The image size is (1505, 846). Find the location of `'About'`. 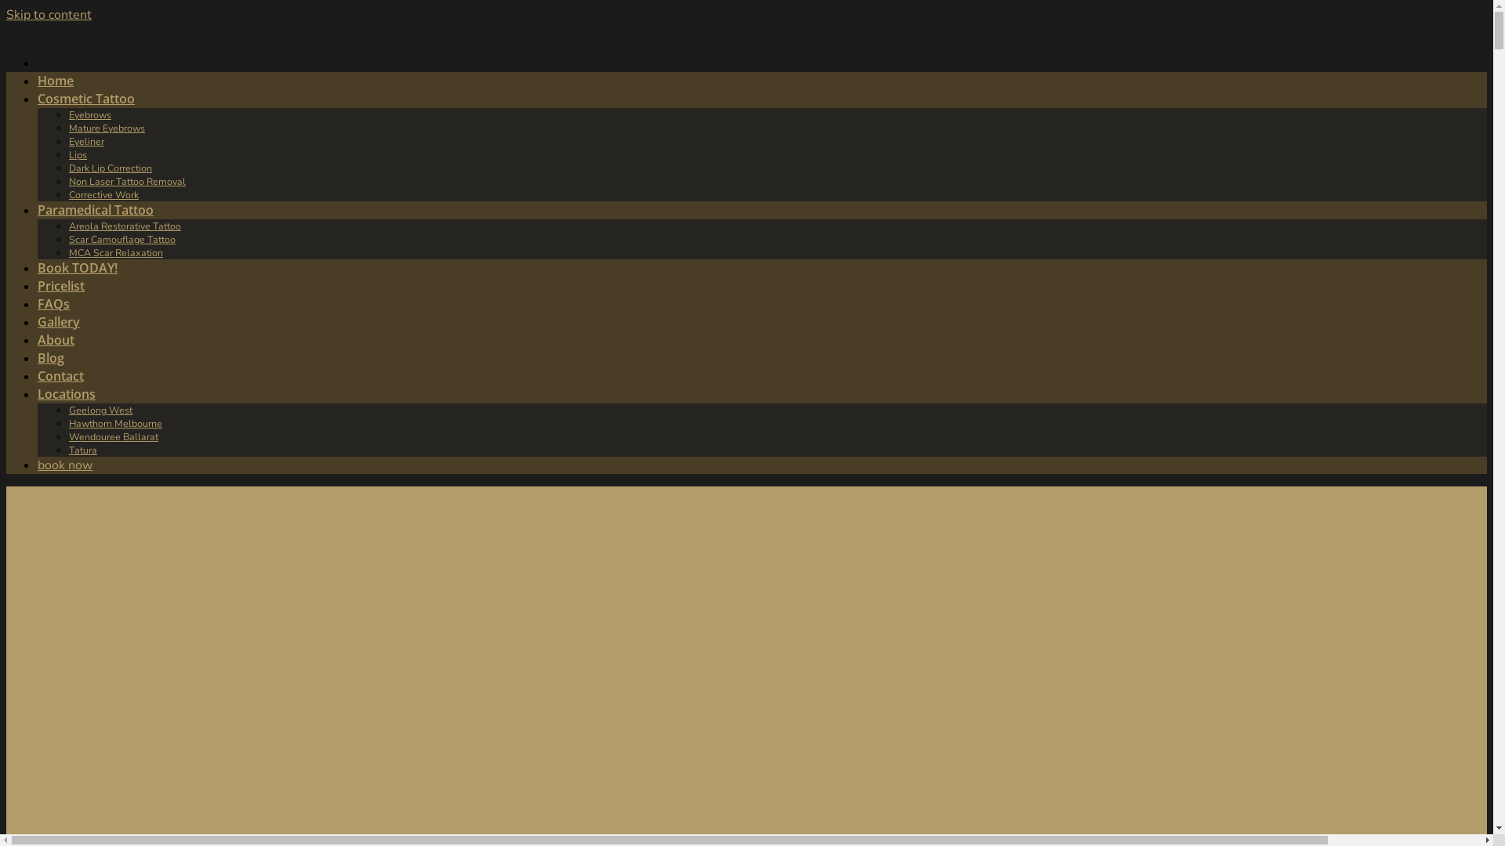

'About' is located at coordinates (56, 339).